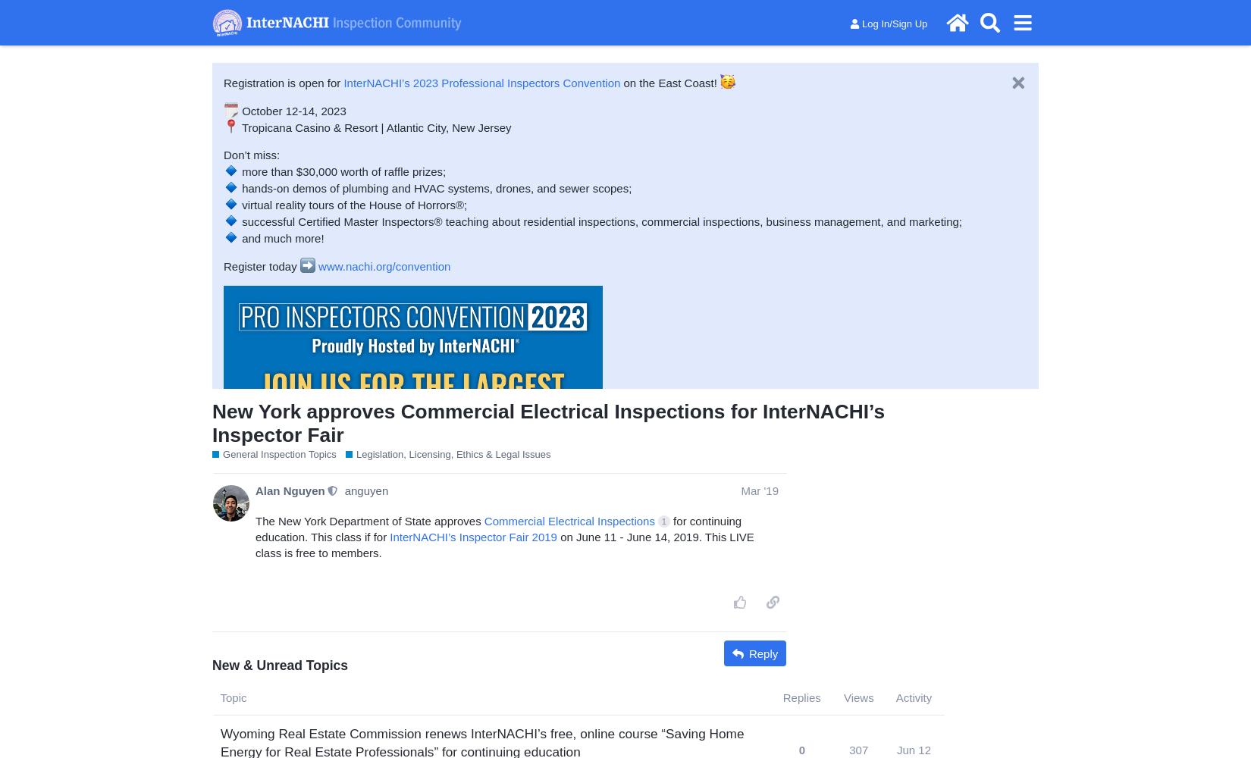 Image resolution: width=1251 pixels, height=758 pixels. I want to click on 'virtual reality tours of the House of Horrors®;', so click(352, 204).